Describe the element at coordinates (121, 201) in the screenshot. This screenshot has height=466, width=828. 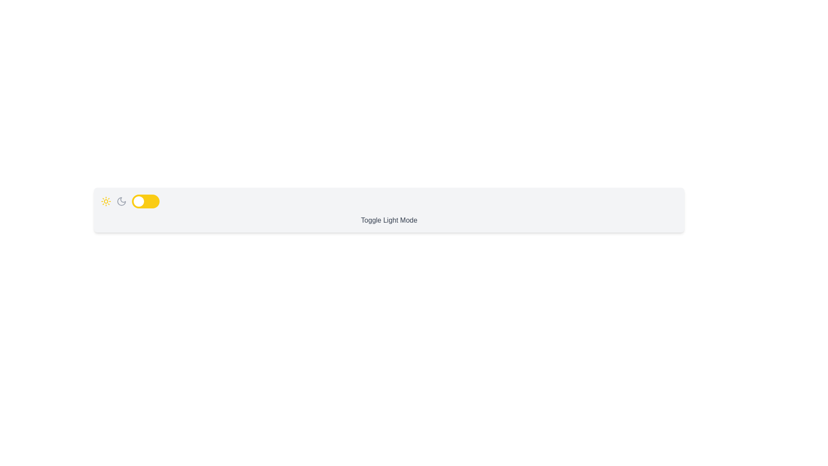
I see `the gray crescent moon icon, which is the second icon from the left in the control bar, located between the sun icon and a toggle switch` at that location.